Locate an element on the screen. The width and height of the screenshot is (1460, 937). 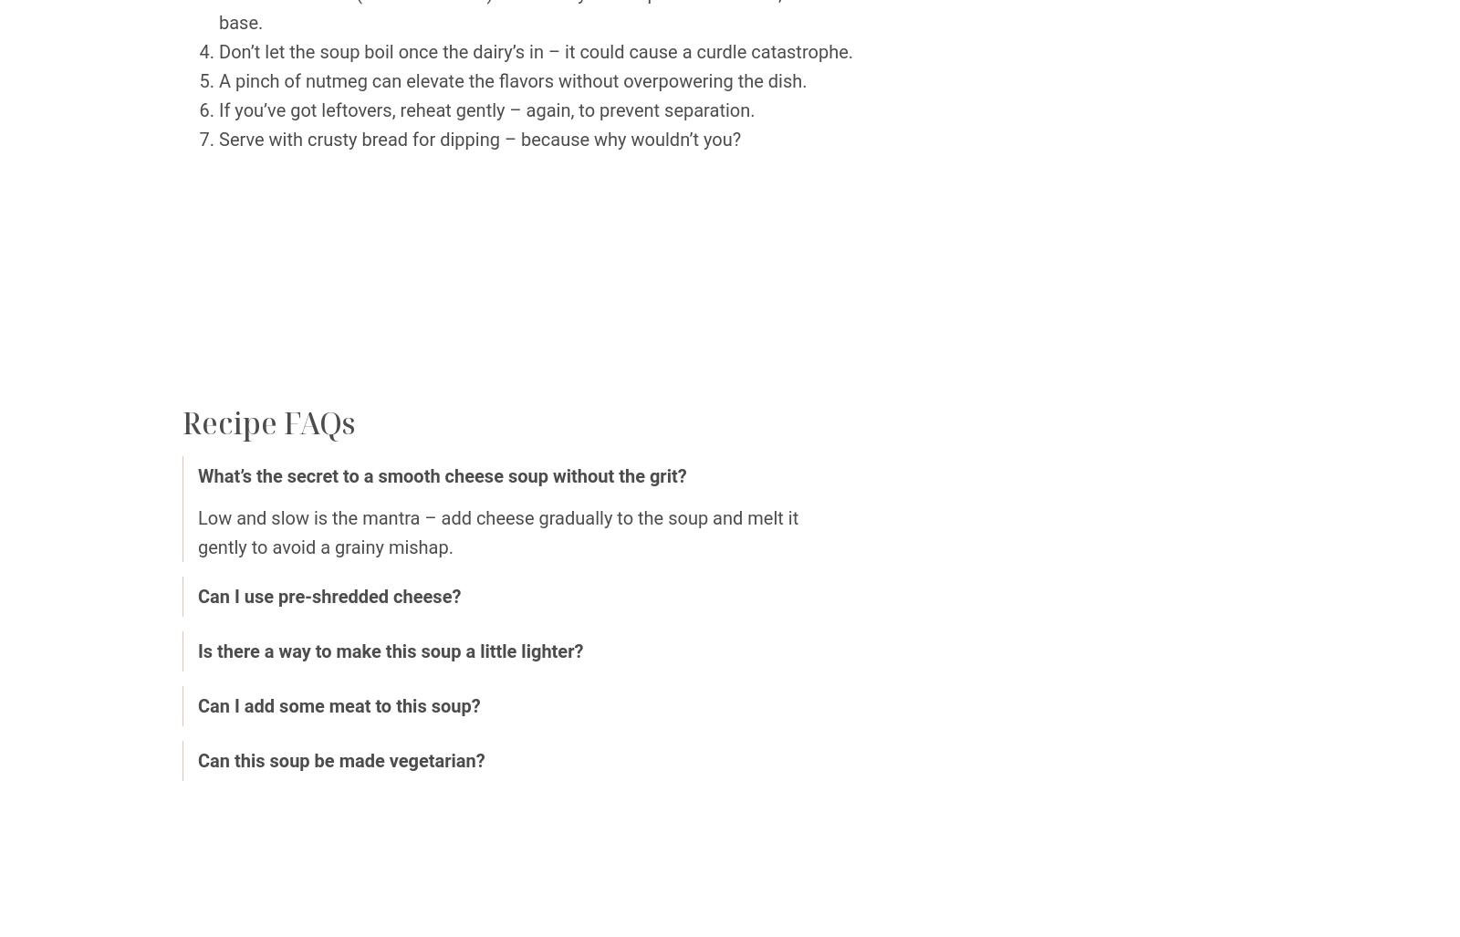
'Can this soup be made vegetarian?' is located at coordinates (340, 759).